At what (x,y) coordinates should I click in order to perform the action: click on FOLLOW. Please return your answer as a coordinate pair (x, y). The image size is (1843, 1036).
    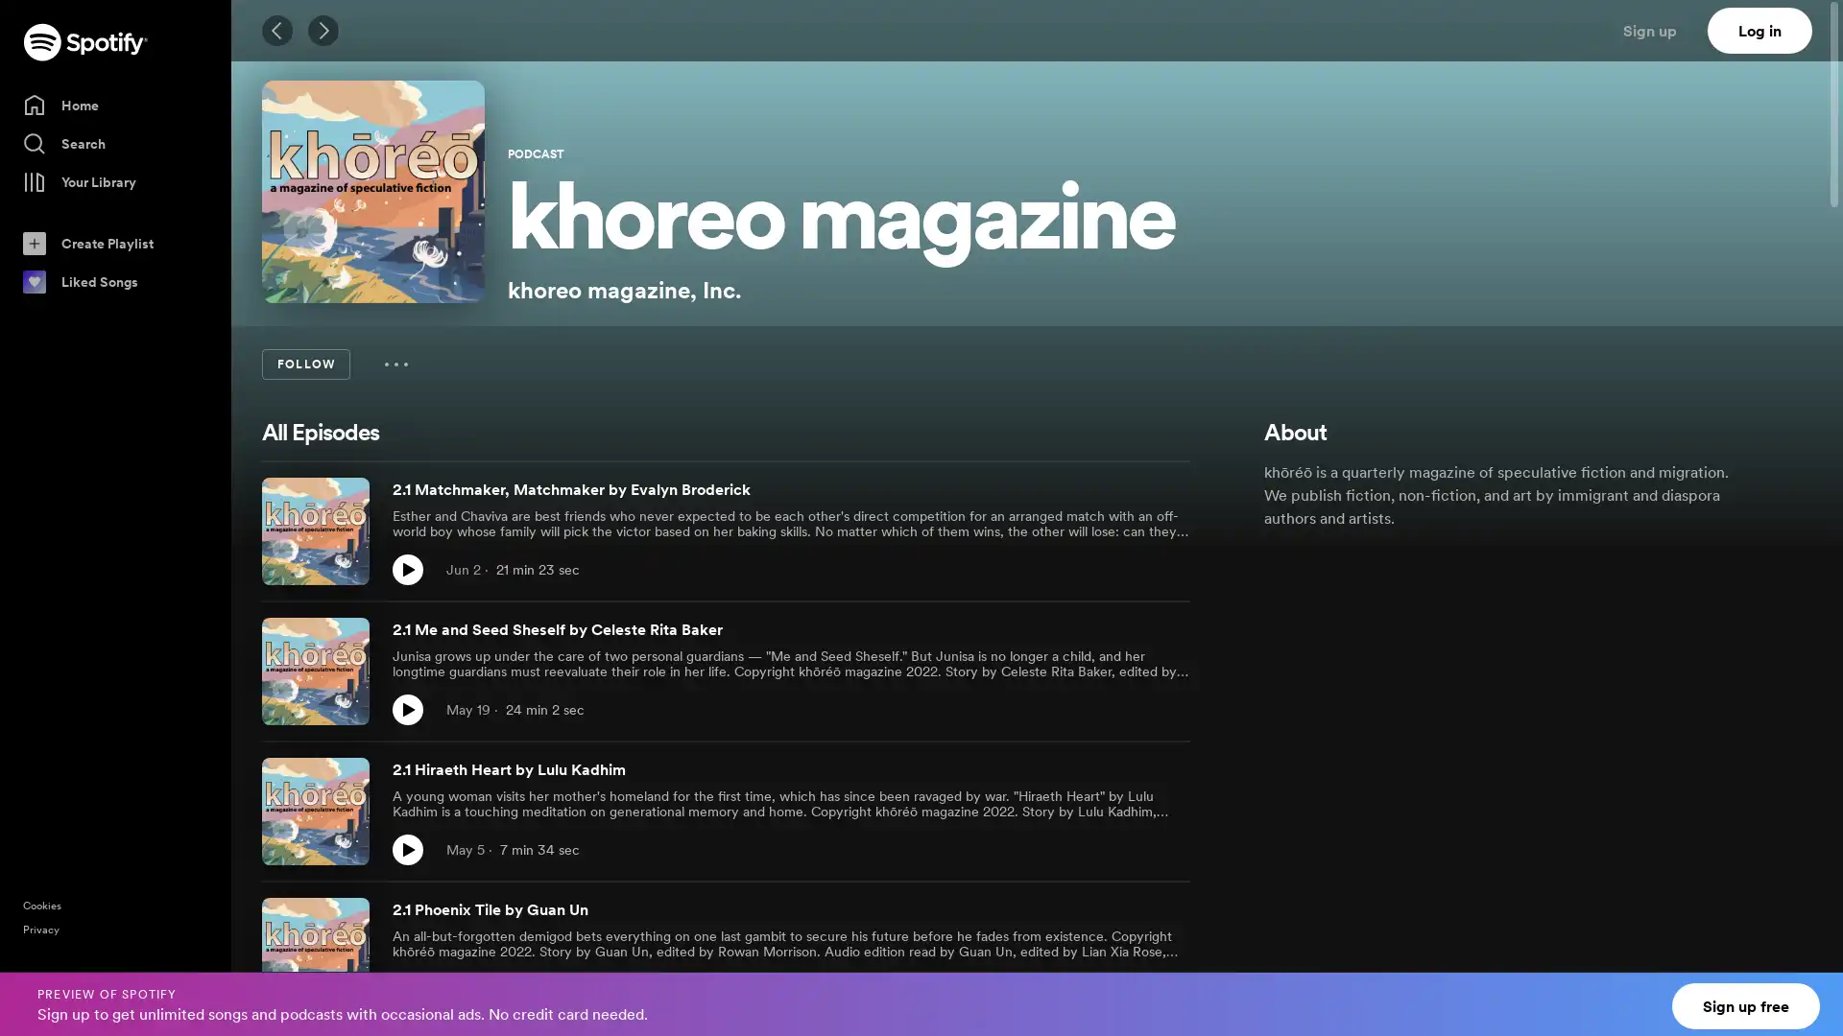
    Looking at the image, I should click on (304, 365).